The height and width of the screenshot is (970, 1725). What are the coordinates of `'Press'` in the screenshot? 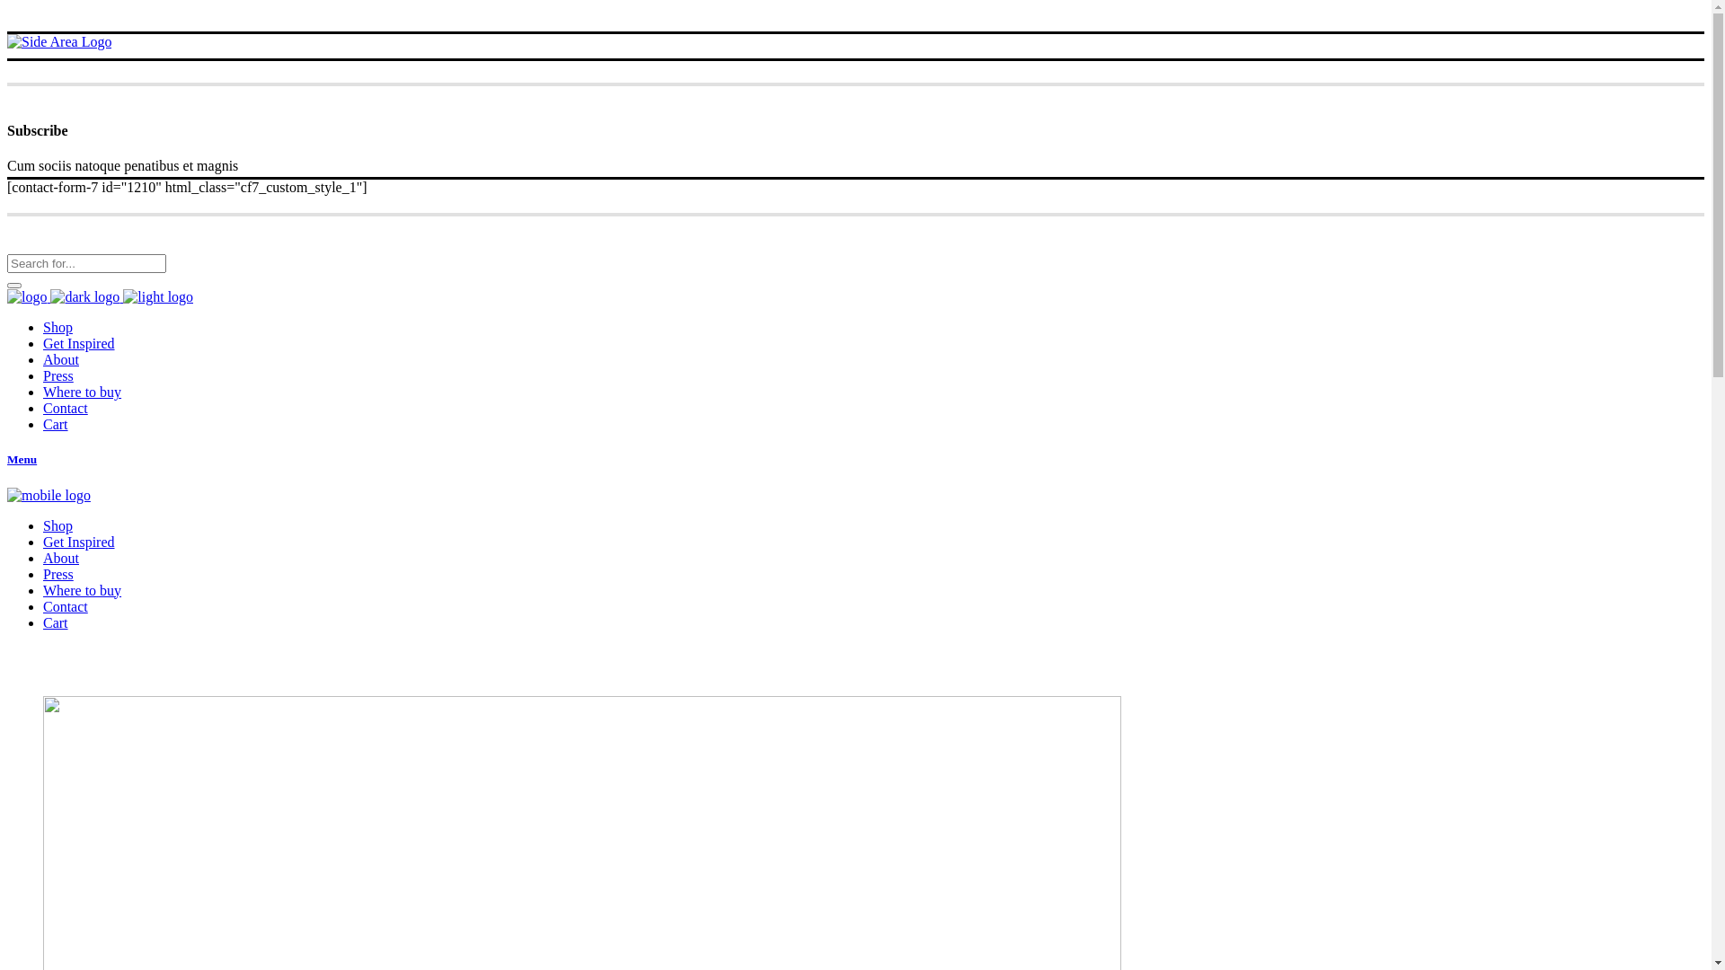 It's located at (58, 574).